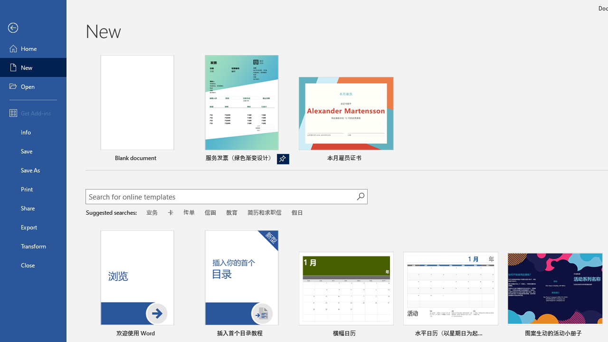 This screenshot has height=342, width=608. Describe the element at coordinates (220, 197) in the screenshot. I see `'Search for online templates'` at that location.